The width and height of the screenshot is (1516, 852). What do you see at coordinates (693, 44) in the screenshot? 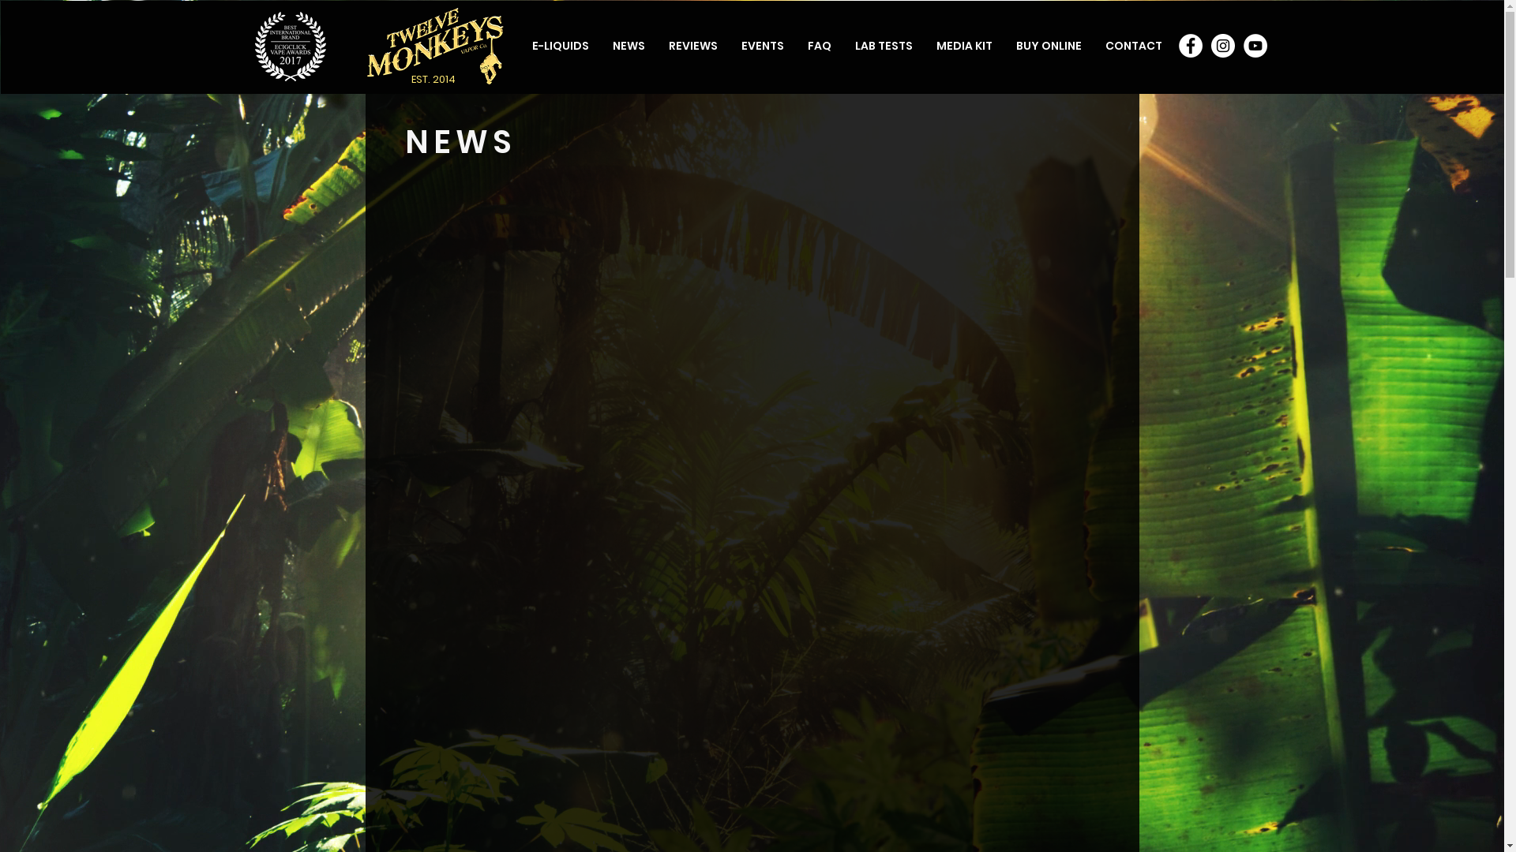
I see `'REVIEWS'` at bounding box center [693, 44].